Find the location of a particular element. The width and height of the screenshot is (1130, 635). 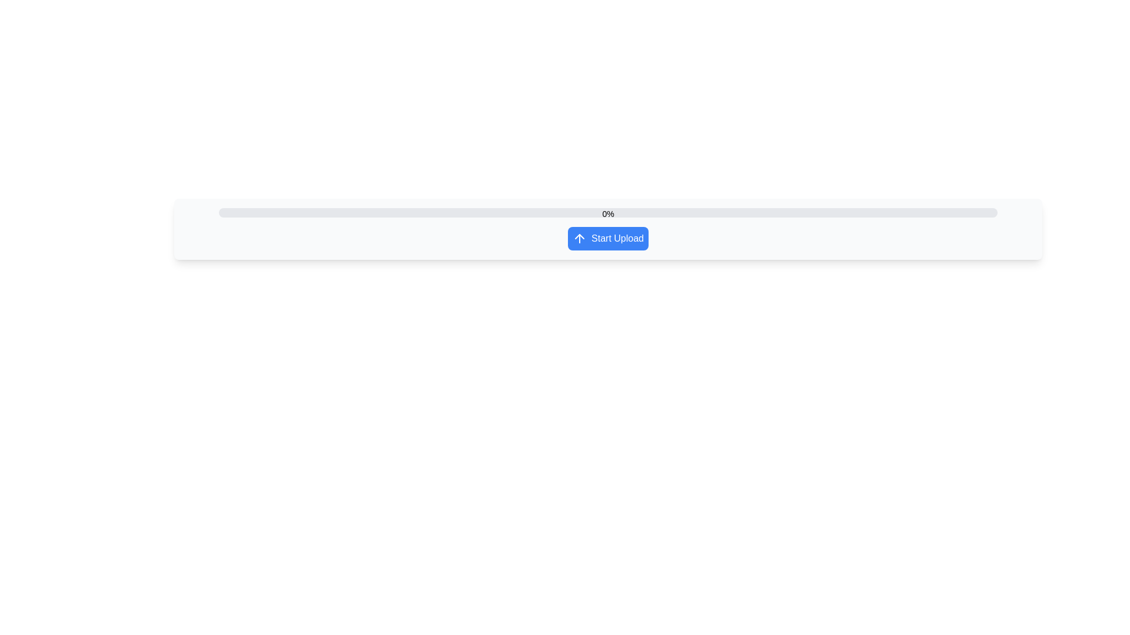

the blue button labeled 'Start Upload' with an upward arrow icon, located centrally below a progress bar displaying '0%' is located at coordinates (608, 238).